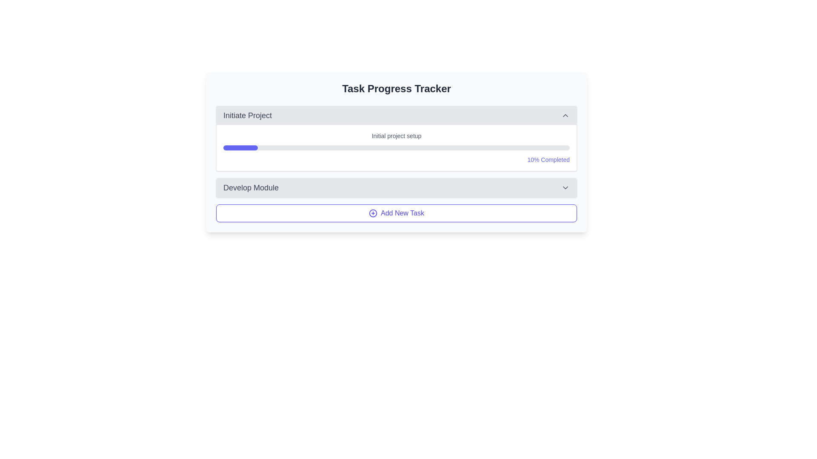 This screenshot has height=459, width=817. I want to click on task title and status from the progress bar indicating the completion of 'Initial project setup', so click(396, 147).